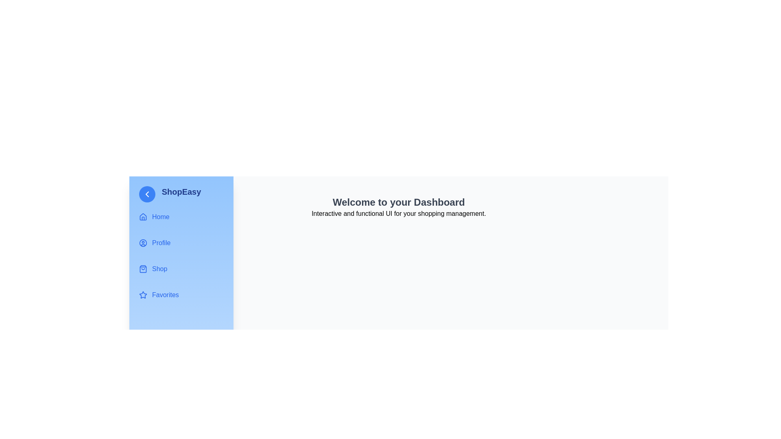 This screenshot has height=439, width=781. Describe the element at coordinates (147, 194) in the screenshot. I see `the left arrow icon button located at the top-left corner of the sidebar navigation panel` at that location.